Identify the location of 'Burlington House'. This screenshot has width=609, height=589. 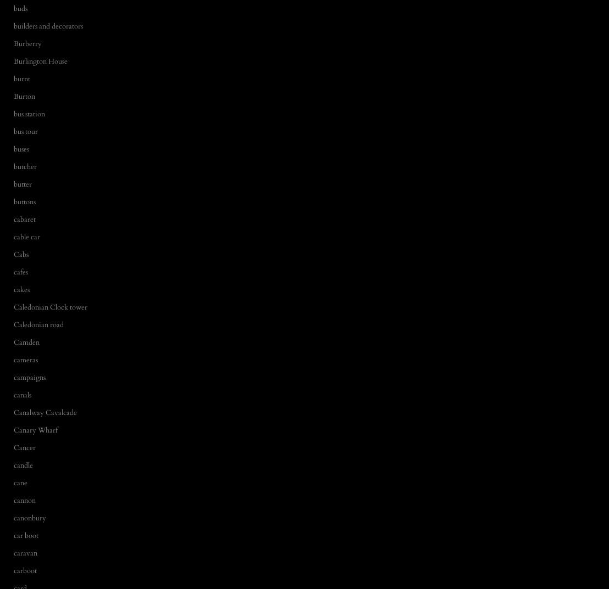
(40, 60).